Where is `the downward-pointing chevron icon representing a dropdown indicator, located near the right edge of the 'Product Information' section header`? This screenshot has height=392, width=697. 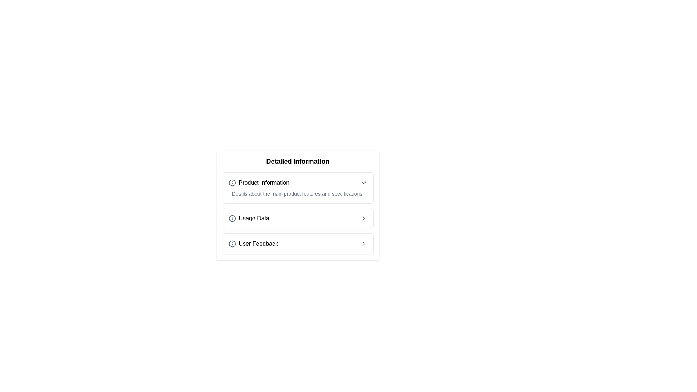
the downward-pointing chevron icon representing a dropdown indicator, located near the right edge of the 'Product Information' section header is located at coordinates (363, 183).